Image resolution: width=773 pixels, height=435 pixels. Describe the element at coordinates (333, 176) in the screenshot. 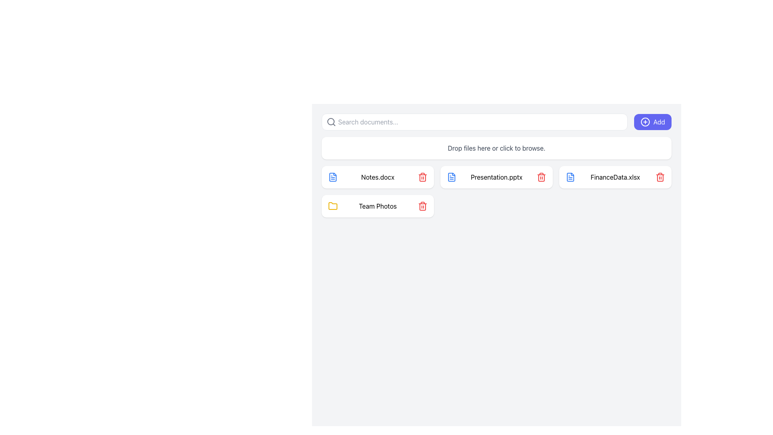

I see `the blue outlined file icon with a folded corner` at that location.